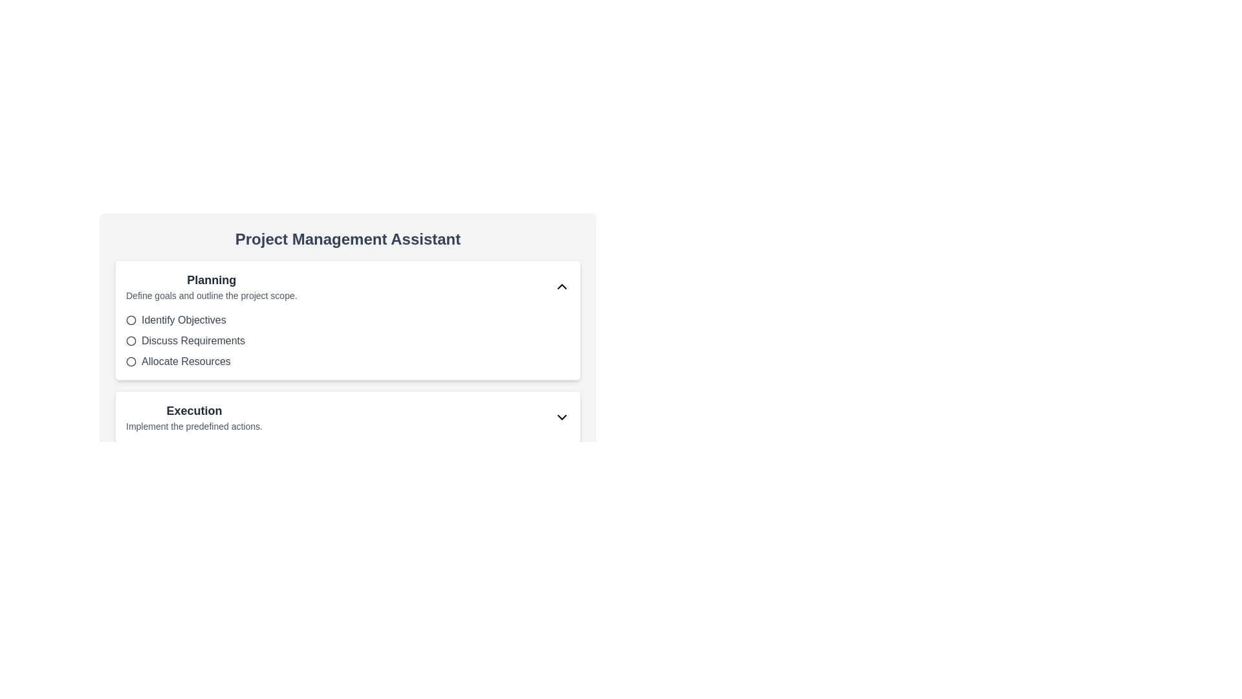 Image resolution: width=1242 pixels, height=699 pixels. What do you see at coordinates (131, 362) in the screenshot?
I see `the SVG graphical circle element located in the 'Allocate Resources' section beneath the 'Discuss Requirements' option` at bounding box center [131, 362].